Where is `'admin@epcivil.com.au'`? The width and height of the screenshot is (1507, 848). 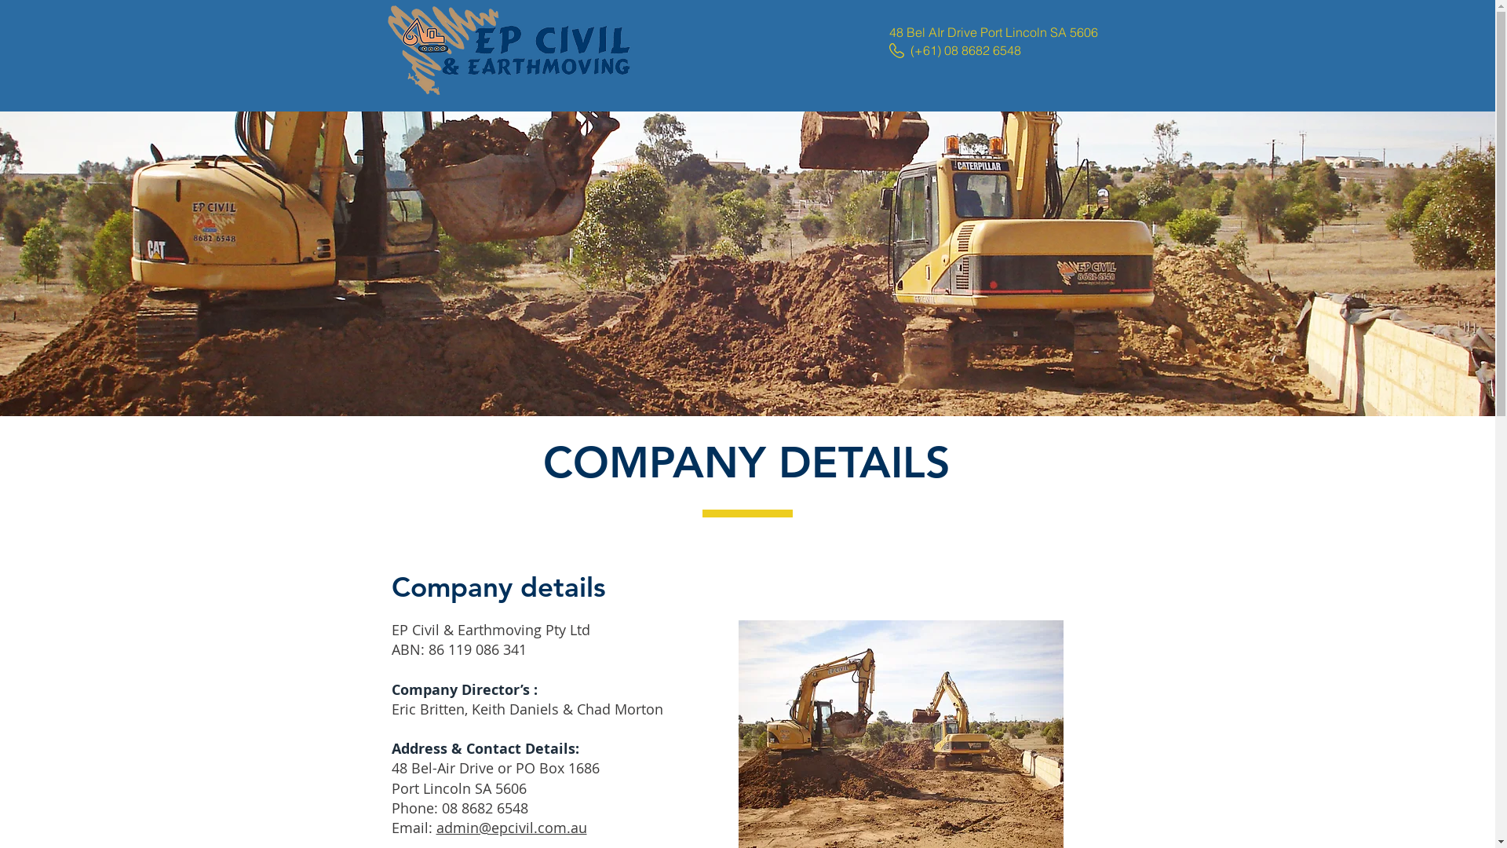
'admin@epcivil.com.au' is located at coordinates (436, 826).